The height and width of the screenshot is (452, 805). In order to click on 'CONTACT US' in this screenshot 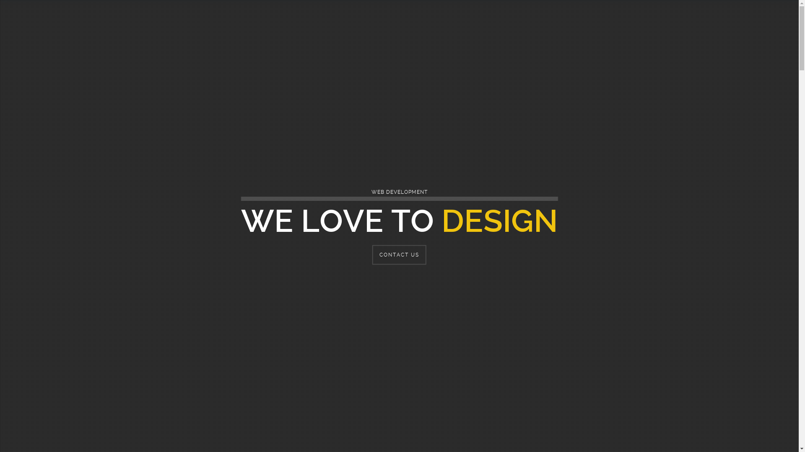, I will do `click(399, 254)`.